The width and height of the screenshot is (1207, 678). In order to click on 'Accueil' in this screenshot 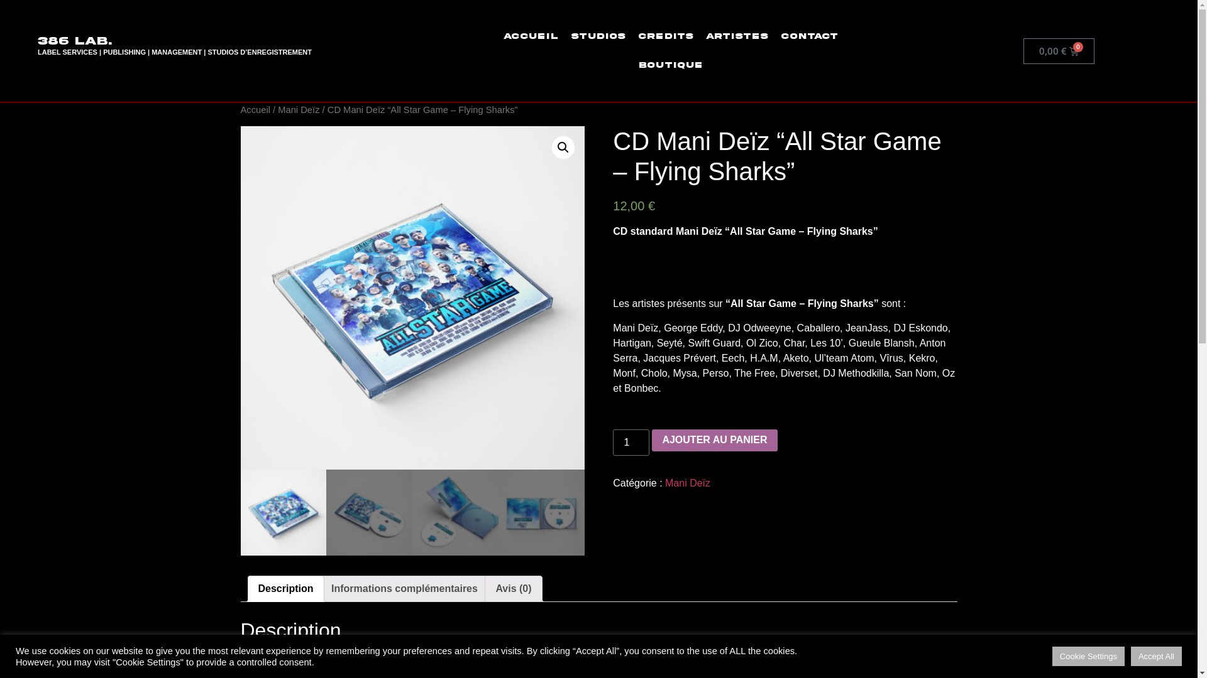, I will do `click(254, 109)`.